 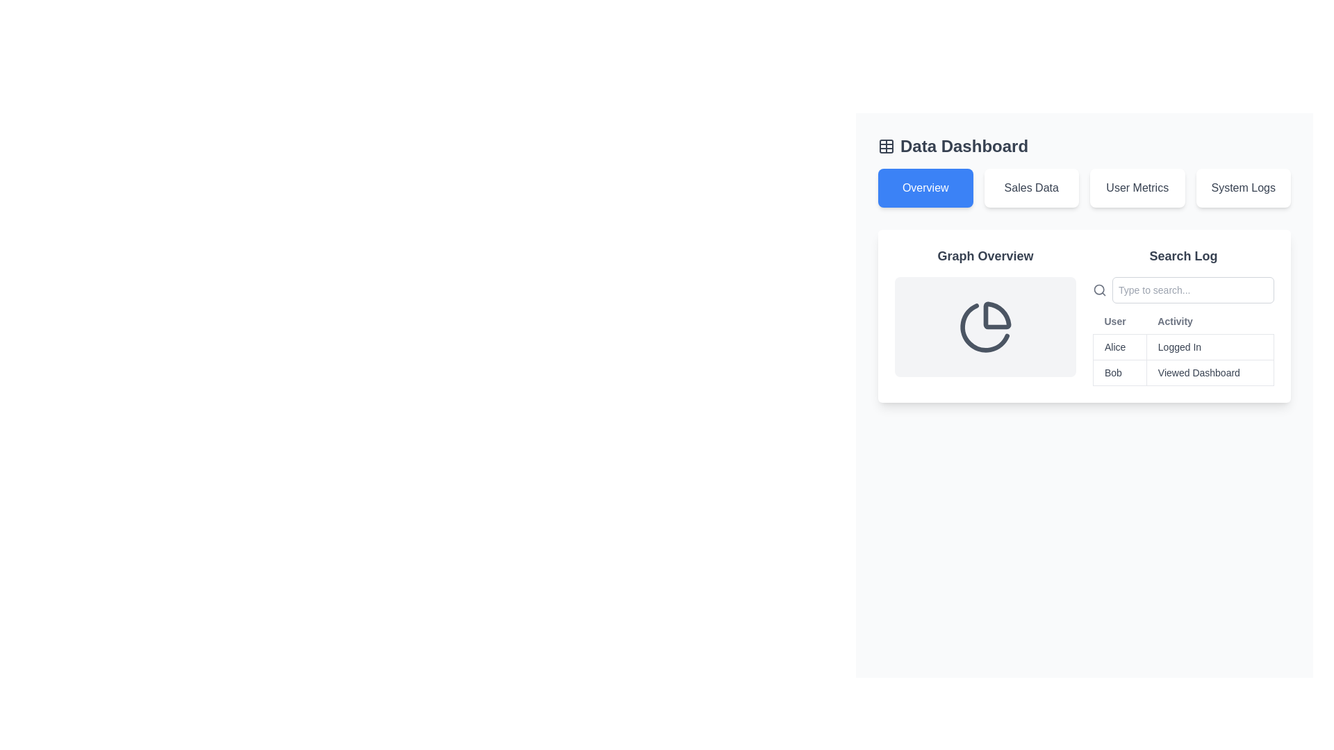 I want to click on the search magnifier icon located to the left of the search input field, so click(x=1099, y=289).